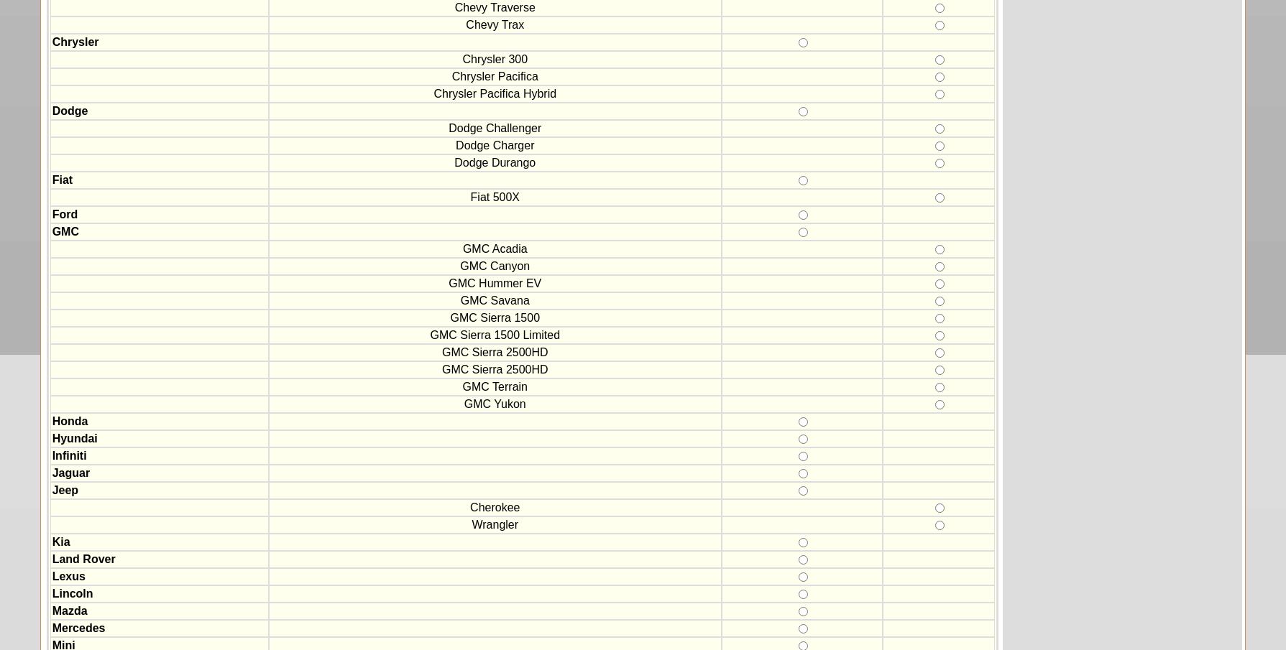 The image size is (1286, 650). What do you see at coordinates (70, 473) in the screenshot?
I see `'Jaguar'` at bounding box center [70, 473].